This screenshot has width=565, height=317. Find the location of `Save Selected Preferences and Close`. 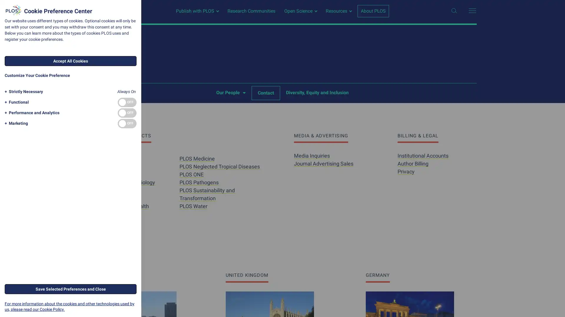

Save Selected Preferences and Close is located at coordinates (71, 288).